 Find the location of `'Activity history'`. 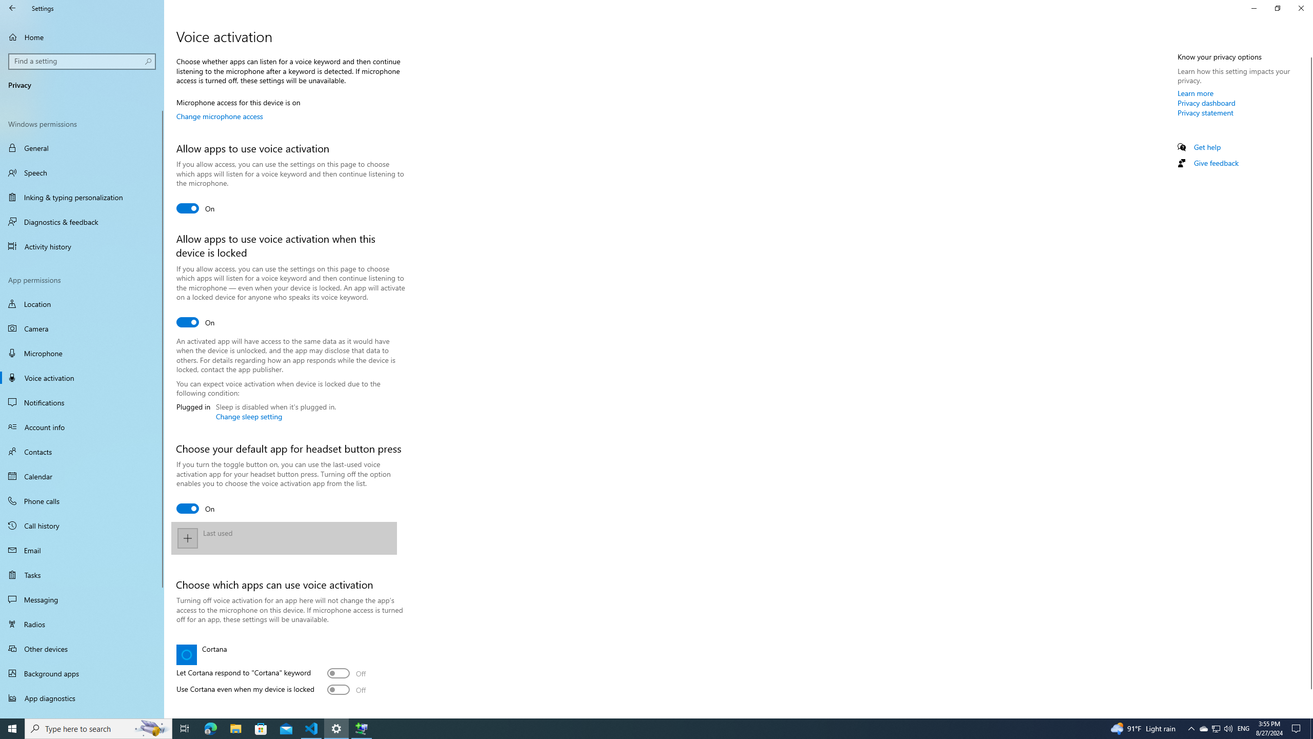

'Activity history' is located at coordinates (82, 246).